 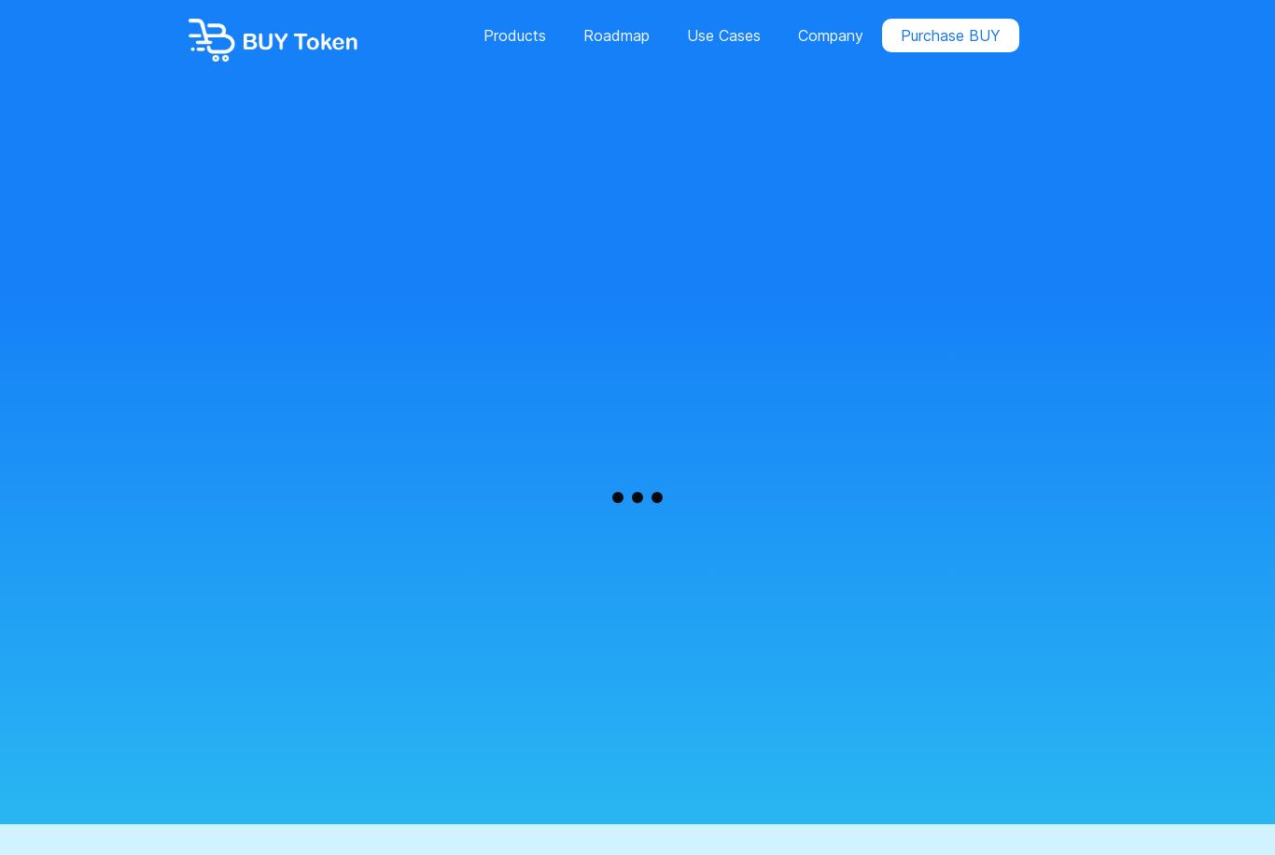 I want to click on 'Dropshipper.com is a leading platform that enables e-commerce businesses or individuals to easily source and manage their products, with support for the BUY token to simplify payments and streamline transactions.', so click(x=630, y=270).